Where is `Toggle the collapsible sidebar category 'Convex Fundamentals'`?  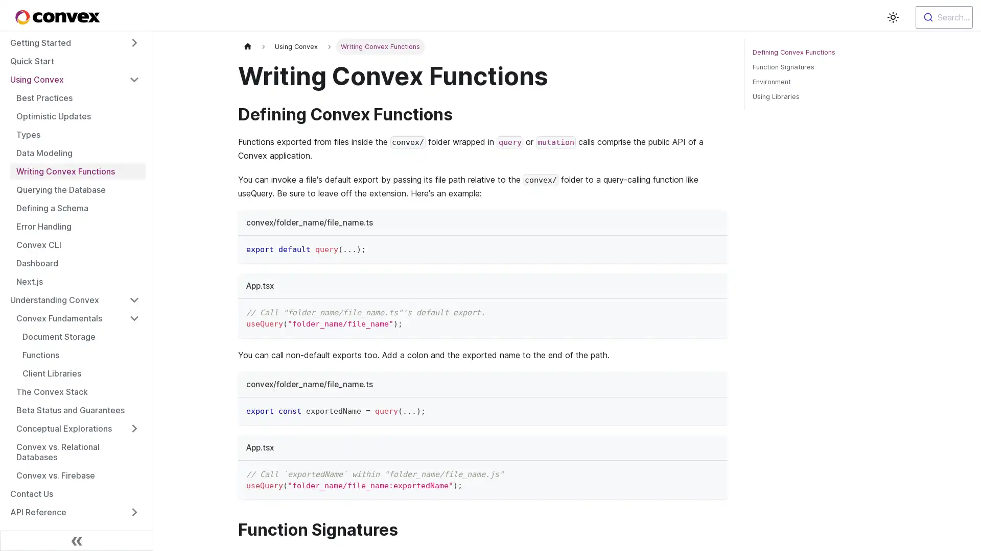
Toggle the collapsible sidebar category 'Convex Fundamentals' is located at coordinates (134, 318).